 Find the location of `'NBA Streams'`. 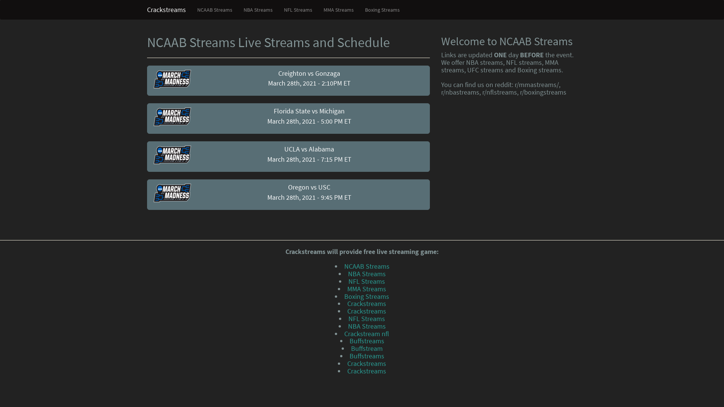

'NBA Streams' is located at coordinates (258, 10).